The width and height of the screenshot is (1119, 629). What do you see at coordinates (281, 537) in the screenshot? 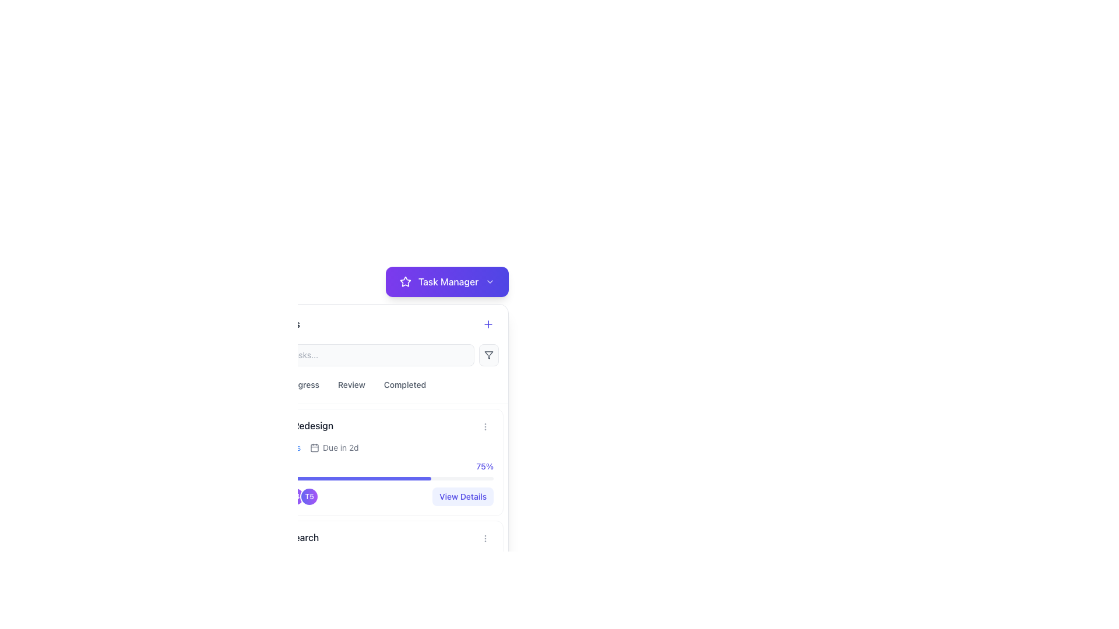
I see `the 'User Research' text label with a yellow circular indicator for keyboard navigation` at bounding box center [281, 537].